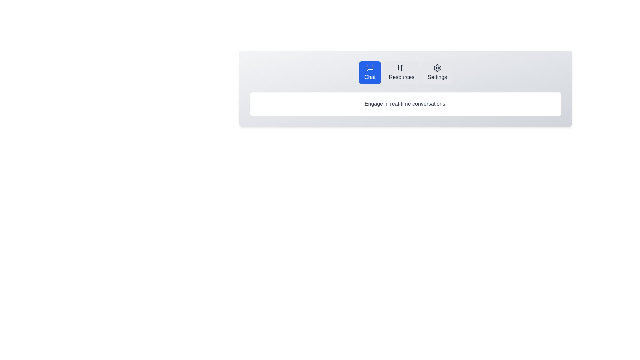 This screenshot has width=640, height=360. What do you see at coordinates (369, 68) in the screenshot?
I see `the chat icon located` at bounding box center [369, 68].